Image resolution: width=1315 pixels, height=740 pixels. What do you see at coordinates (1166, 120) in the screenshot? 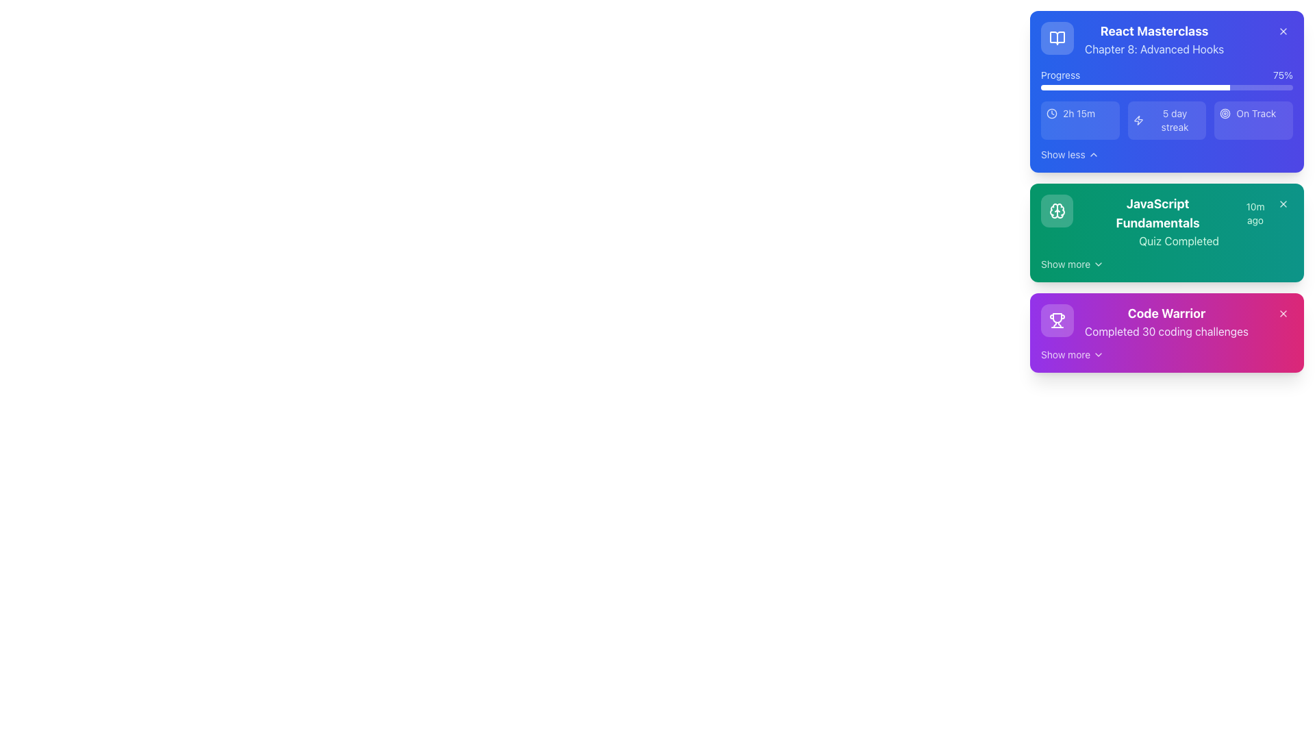
I see `the Composite information display that shows user progress metrics for the 'React Masterclass', positioned below the progress indicator and above the 'Show less' link` at bounding box center [1166, 120].